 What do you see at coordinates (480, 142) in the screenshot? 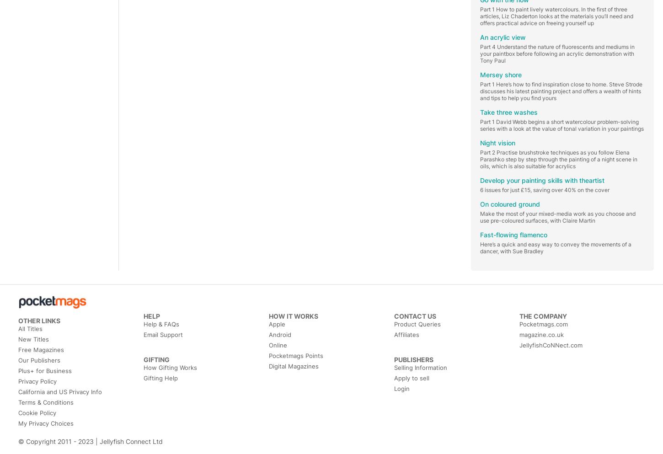
I see `'Night vision'` at bounding box center [480, 142].